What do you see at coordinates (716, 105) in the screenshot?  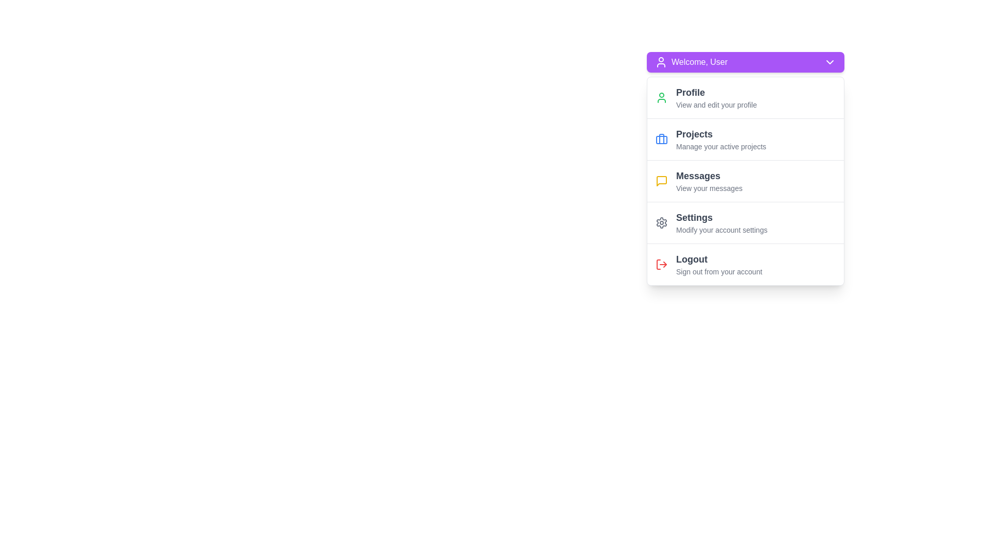 I see `the static text element reading 'View and edit your profile.' which is located under the 'Profile' label in the dropdown menu` at bounding box center [716, 105].